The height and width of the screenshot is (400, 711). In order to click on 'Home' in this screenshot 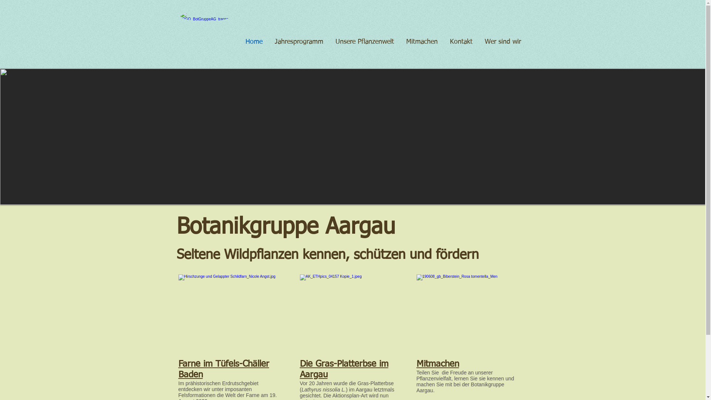, I will do `click(253, 42)`.